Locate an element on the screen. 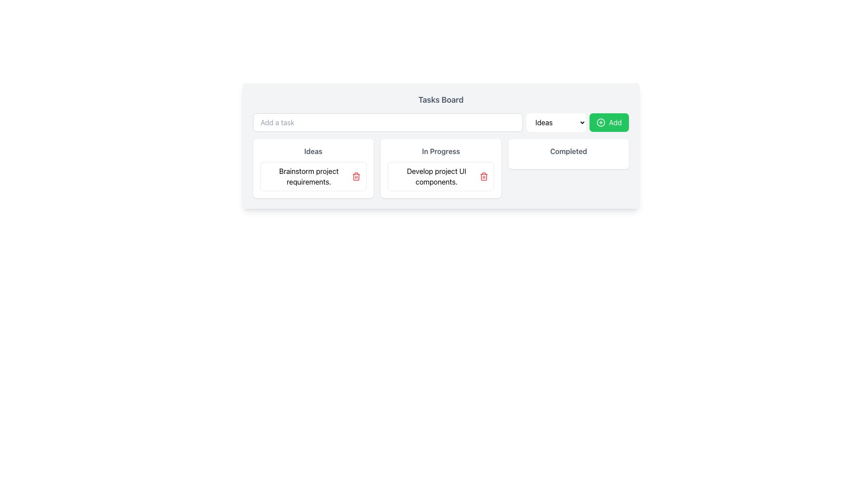 This screenshot has height=478, width=851. text from the 'Tasks Board' label, which is a bold gray text element located at the top center of its section is located at coordinates (441, 100).